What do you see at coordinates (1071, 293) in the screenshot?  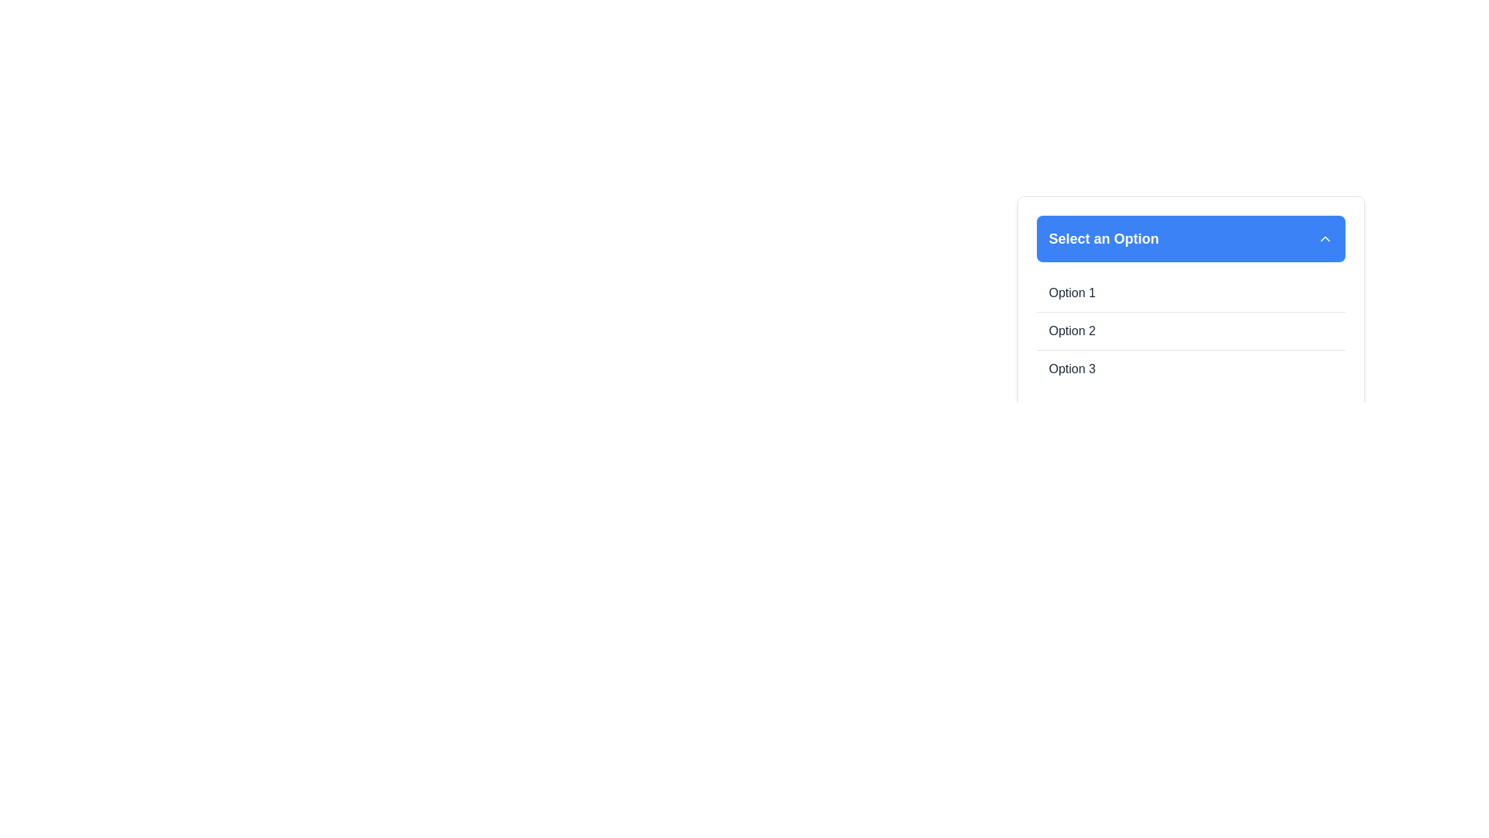 I see `the 'Option 1' text label in the dropdown menu, which is styled with medium-weight font and positioned as the first entry under the 'Select an Option' header` at bounding box center [1071, 293].